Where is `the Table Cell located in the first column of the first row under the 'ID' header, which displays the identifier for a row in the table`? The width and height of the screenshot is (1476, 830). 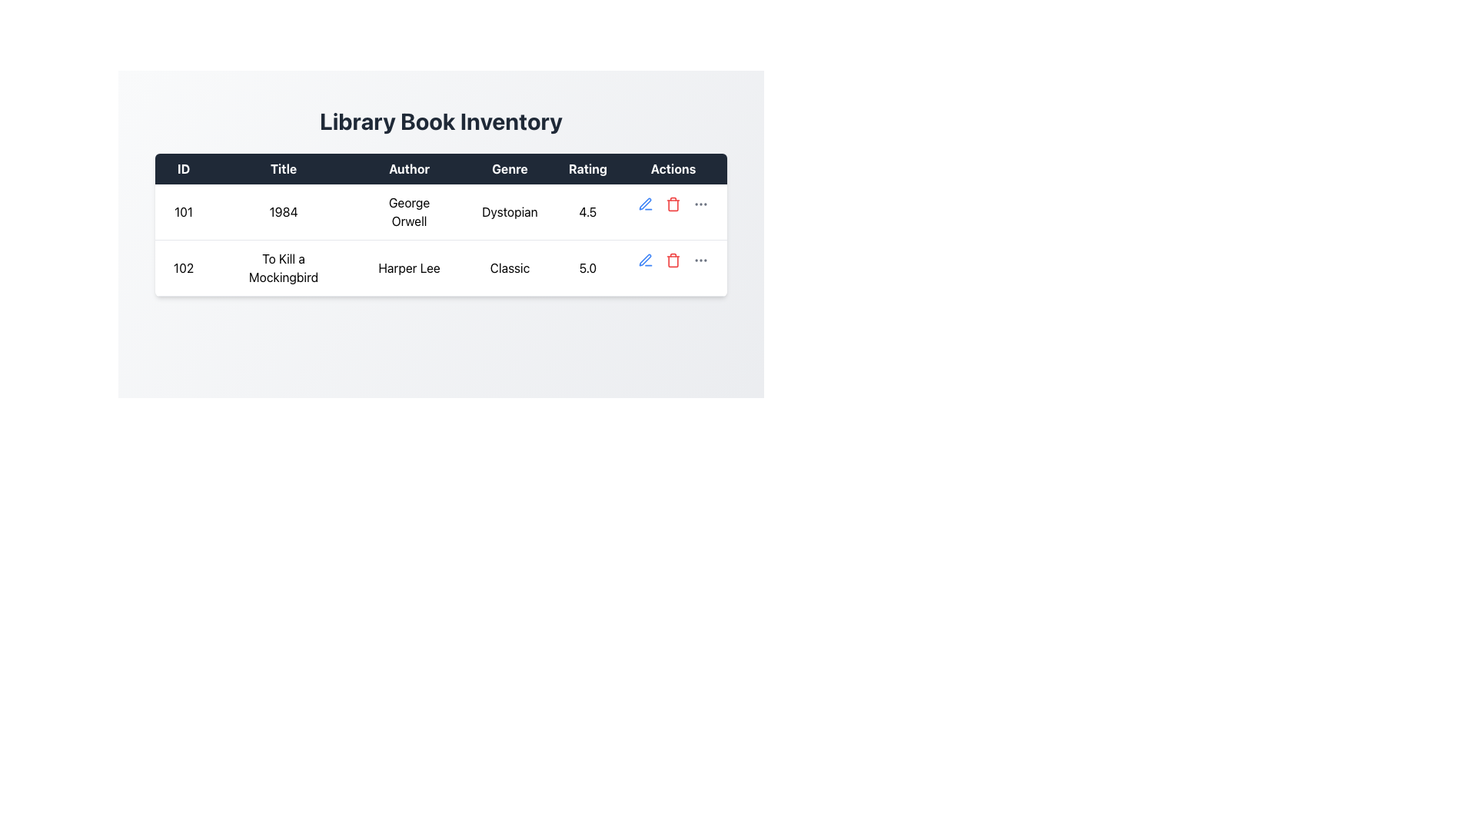 the Table Cell located in the first column of the first row under the 'ID' header, which displays the identifier for a row in the table is located at coordinates (184, 212).